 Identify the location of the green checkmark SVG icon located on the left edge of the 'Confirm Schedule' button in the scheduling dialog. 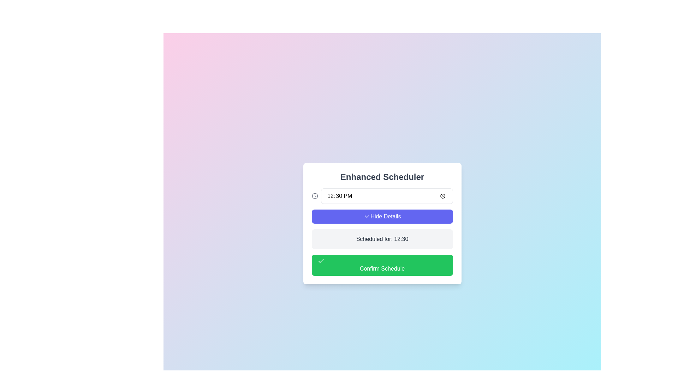
(320, 261).